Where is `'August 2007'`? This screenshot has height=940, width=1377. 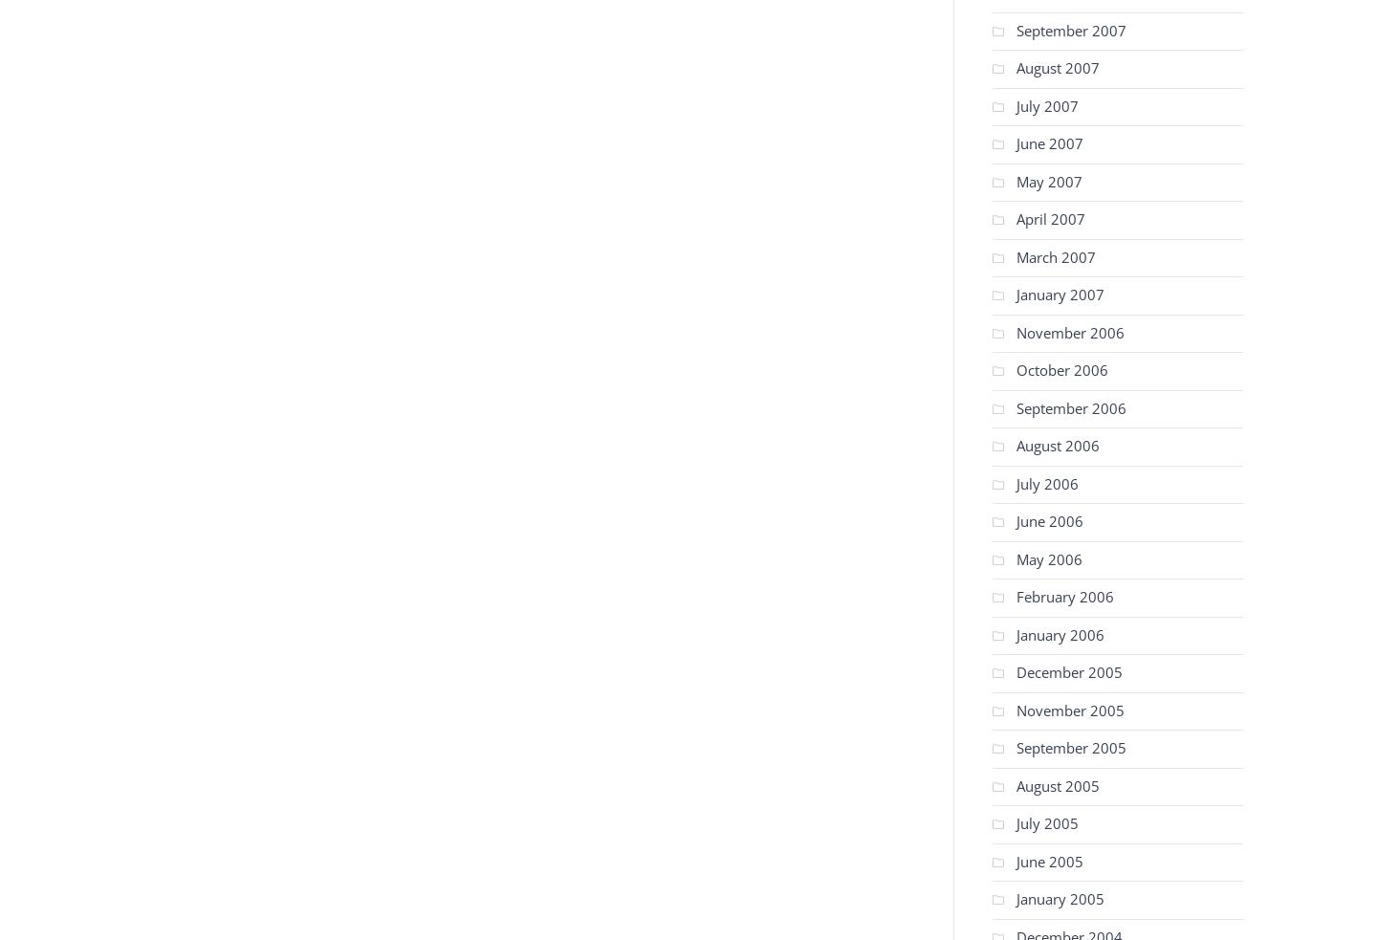 'August 2007' is located at coordinates (1057, 66).